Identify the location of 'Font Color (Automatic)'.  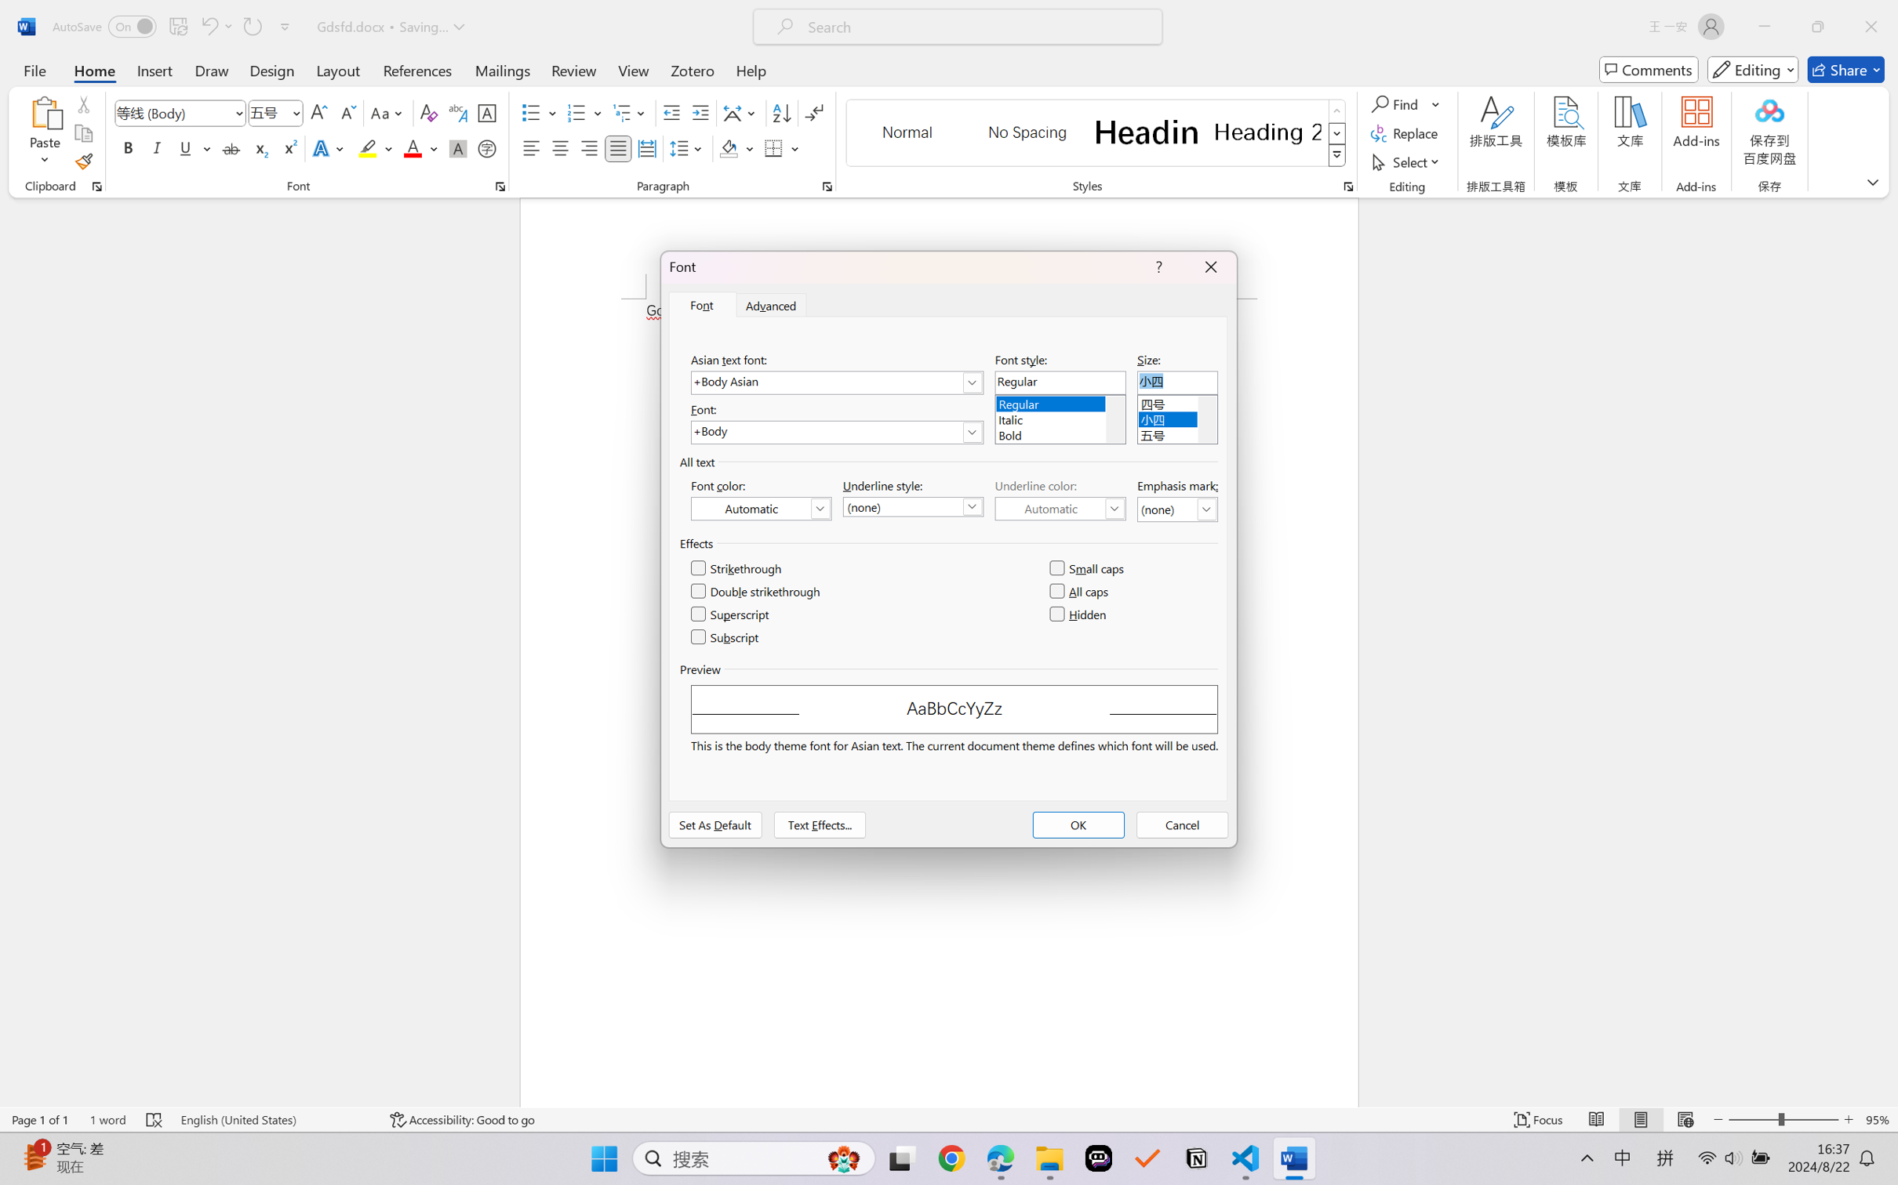
(760, 508).